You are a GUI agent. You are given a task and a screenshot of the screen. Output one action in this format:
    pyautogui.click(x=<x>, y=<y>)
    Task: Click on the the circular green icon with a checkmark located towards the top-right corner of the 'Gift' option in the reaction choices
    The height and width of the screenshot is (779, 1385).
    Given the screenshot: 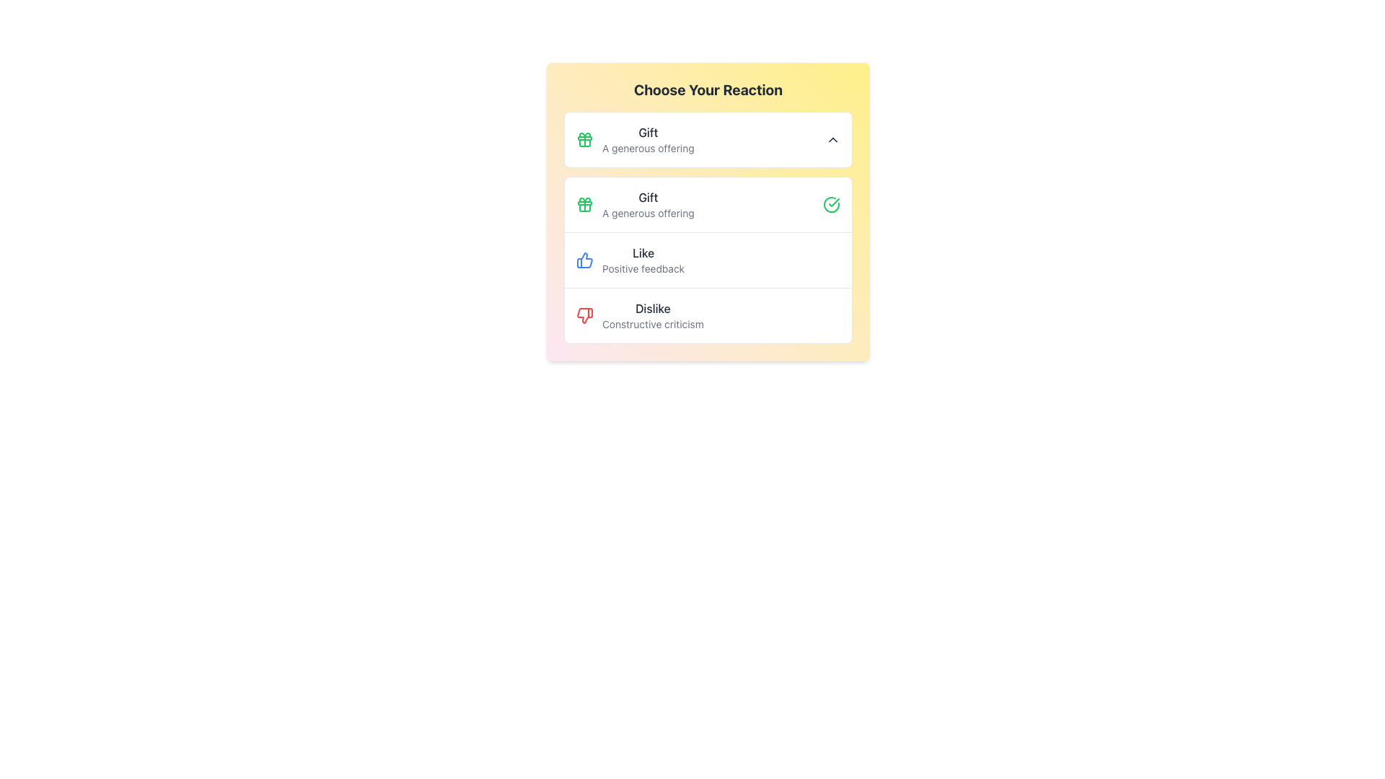 What is the action you would take?
    pyautogui.click(x=831, y=205)
    